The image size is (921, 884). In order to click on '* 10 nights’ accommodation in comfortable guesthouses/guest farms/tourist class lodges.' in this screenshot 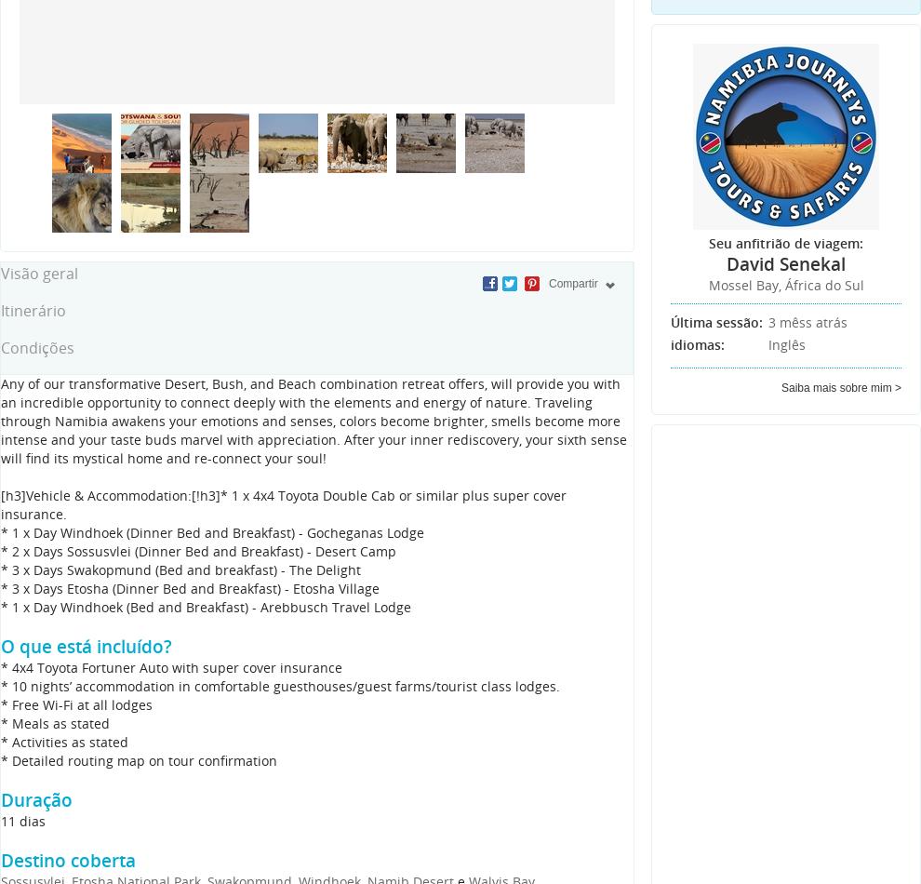, I will do `click(279, 685)`.